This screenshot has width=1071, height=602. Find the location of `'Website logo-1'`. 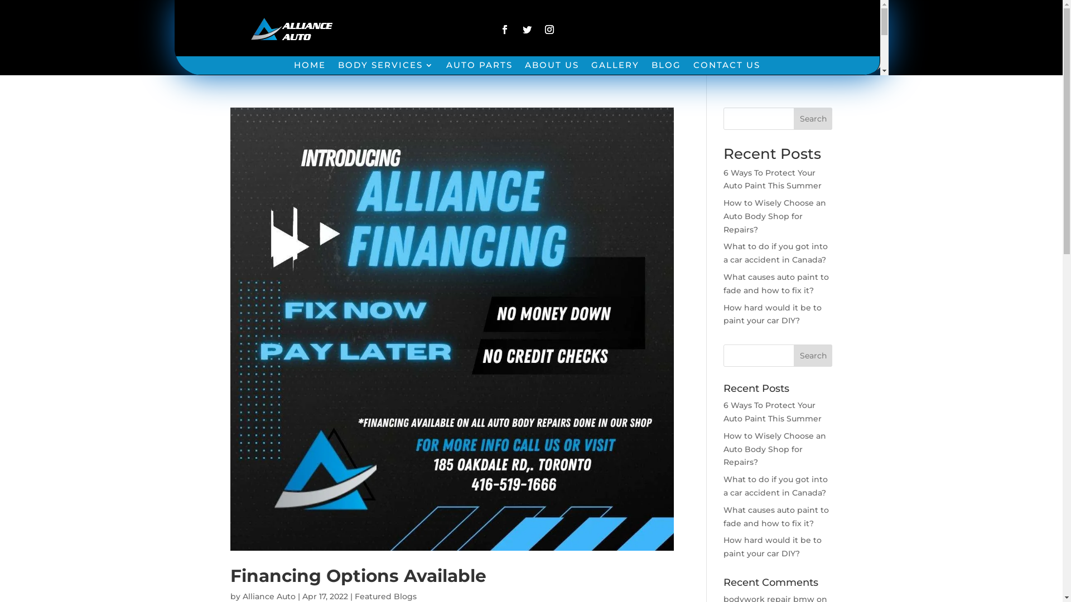

'Website logo-1' is located at coordinates (247, 31).